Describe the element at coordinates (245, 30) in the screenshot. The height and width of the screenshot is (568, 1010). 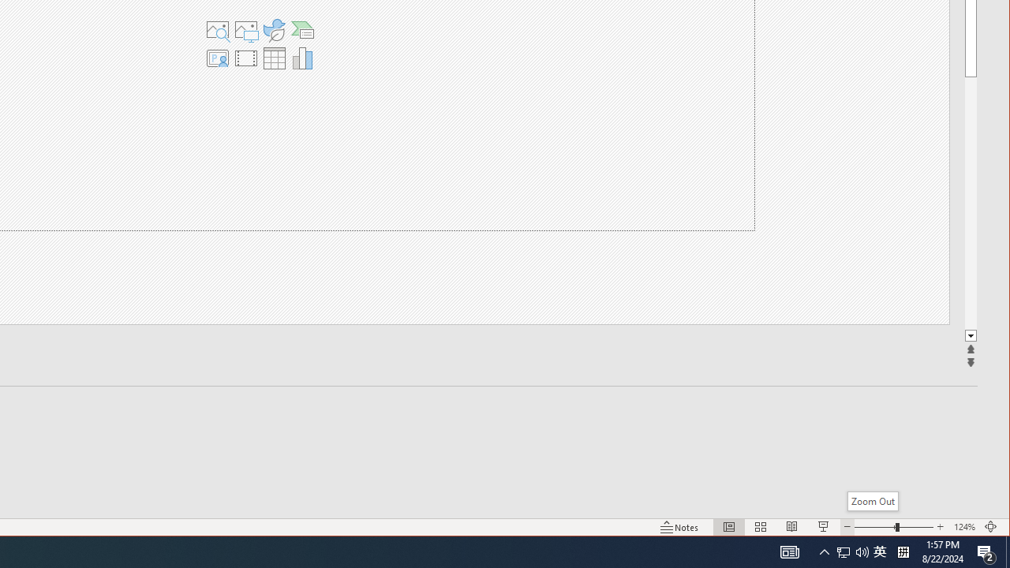
I see `'Pictures'` at that location.